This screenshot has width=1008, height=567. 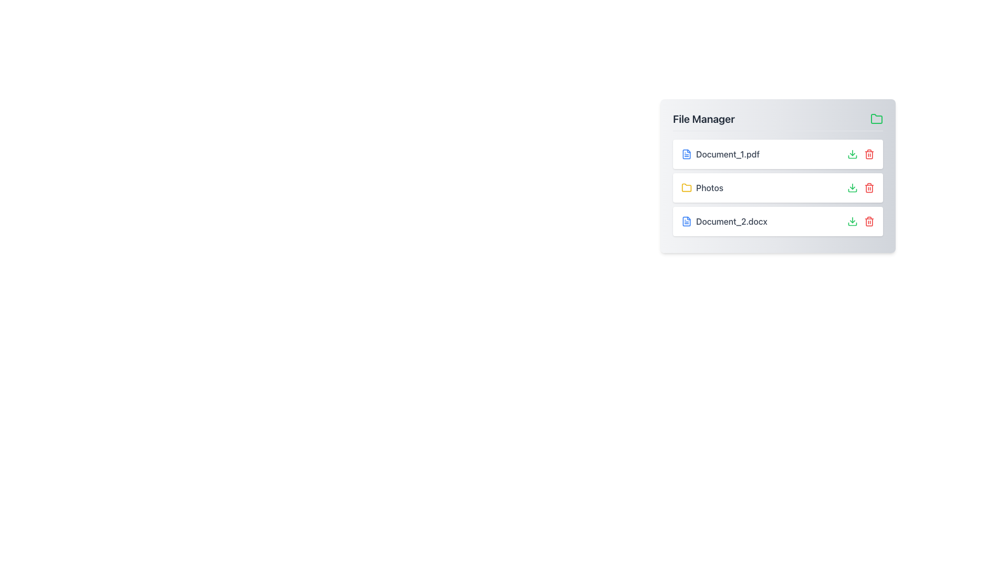 I want to click on the red trash bin icon button located at the far right side of the row for 'Document_1.pdf', so click(x=869, y=154).